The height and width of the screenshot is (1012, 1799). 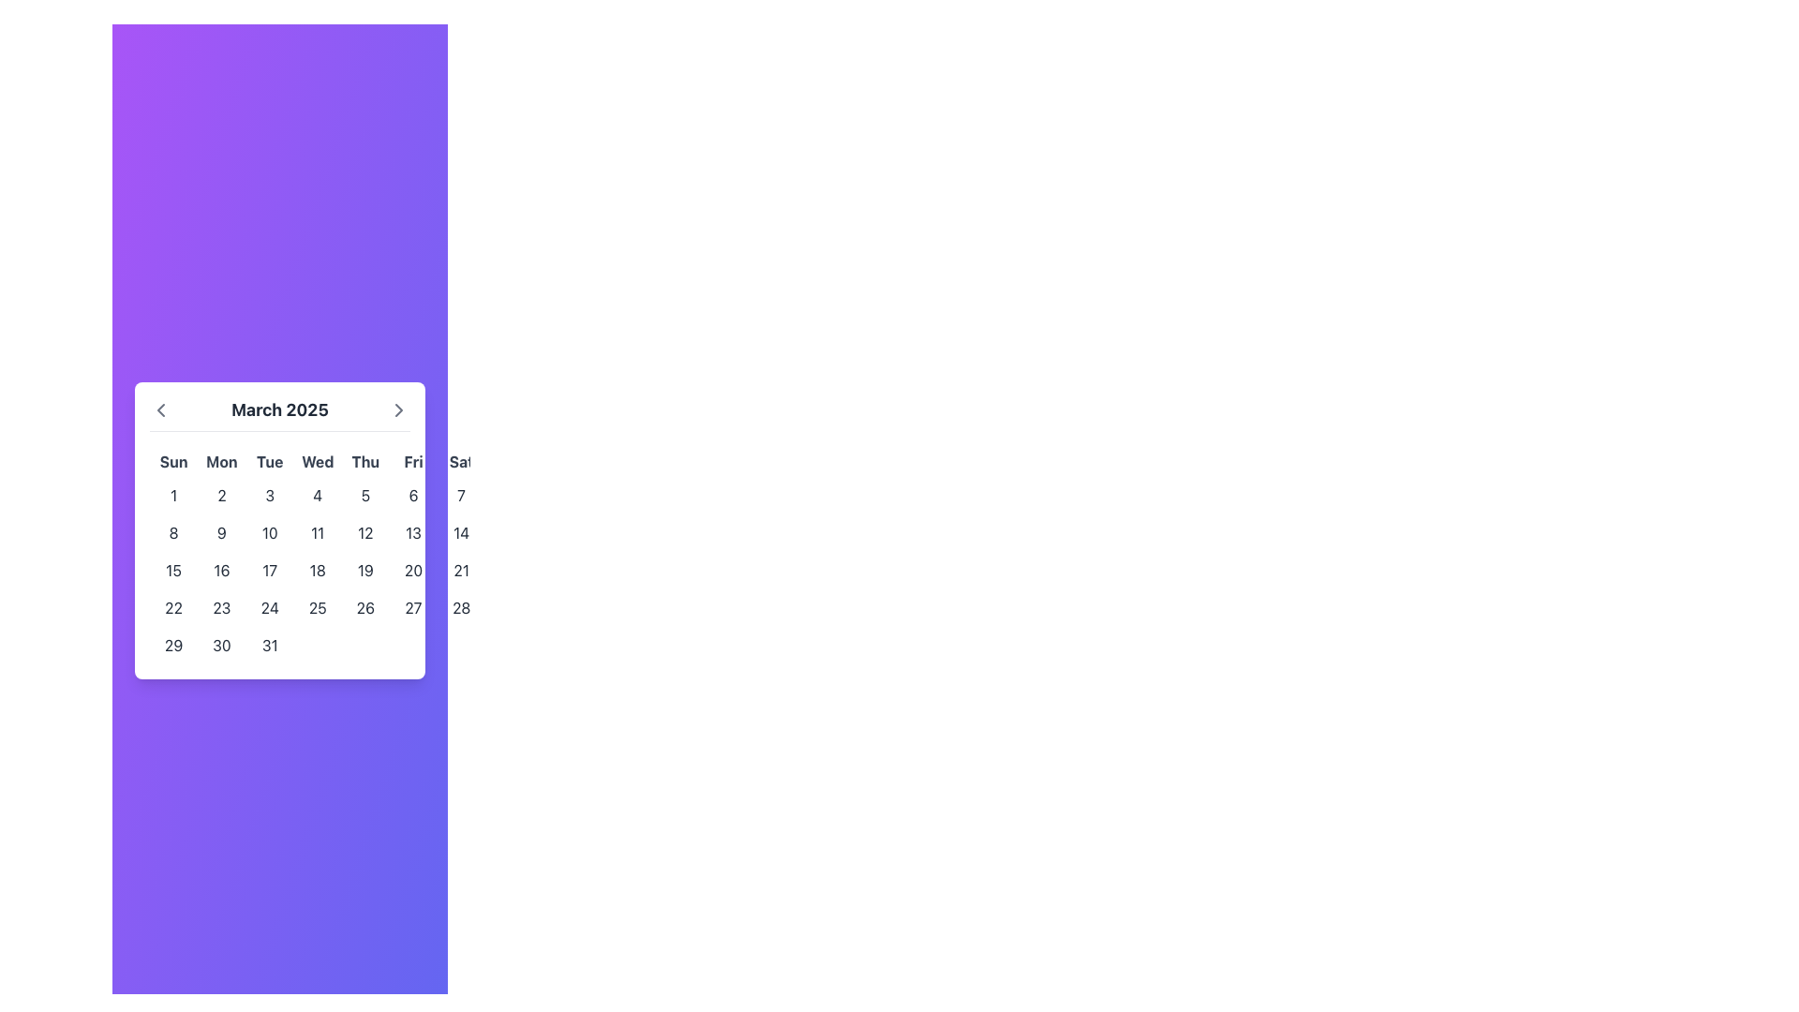 What do you see at coordinates (398, 408) in the screenshot?
I see `the right-pointing chevron arrow located at the top-right corner of the calendar header bar near the 'March 2025' title for feedback` at bounding box center [398, 408].